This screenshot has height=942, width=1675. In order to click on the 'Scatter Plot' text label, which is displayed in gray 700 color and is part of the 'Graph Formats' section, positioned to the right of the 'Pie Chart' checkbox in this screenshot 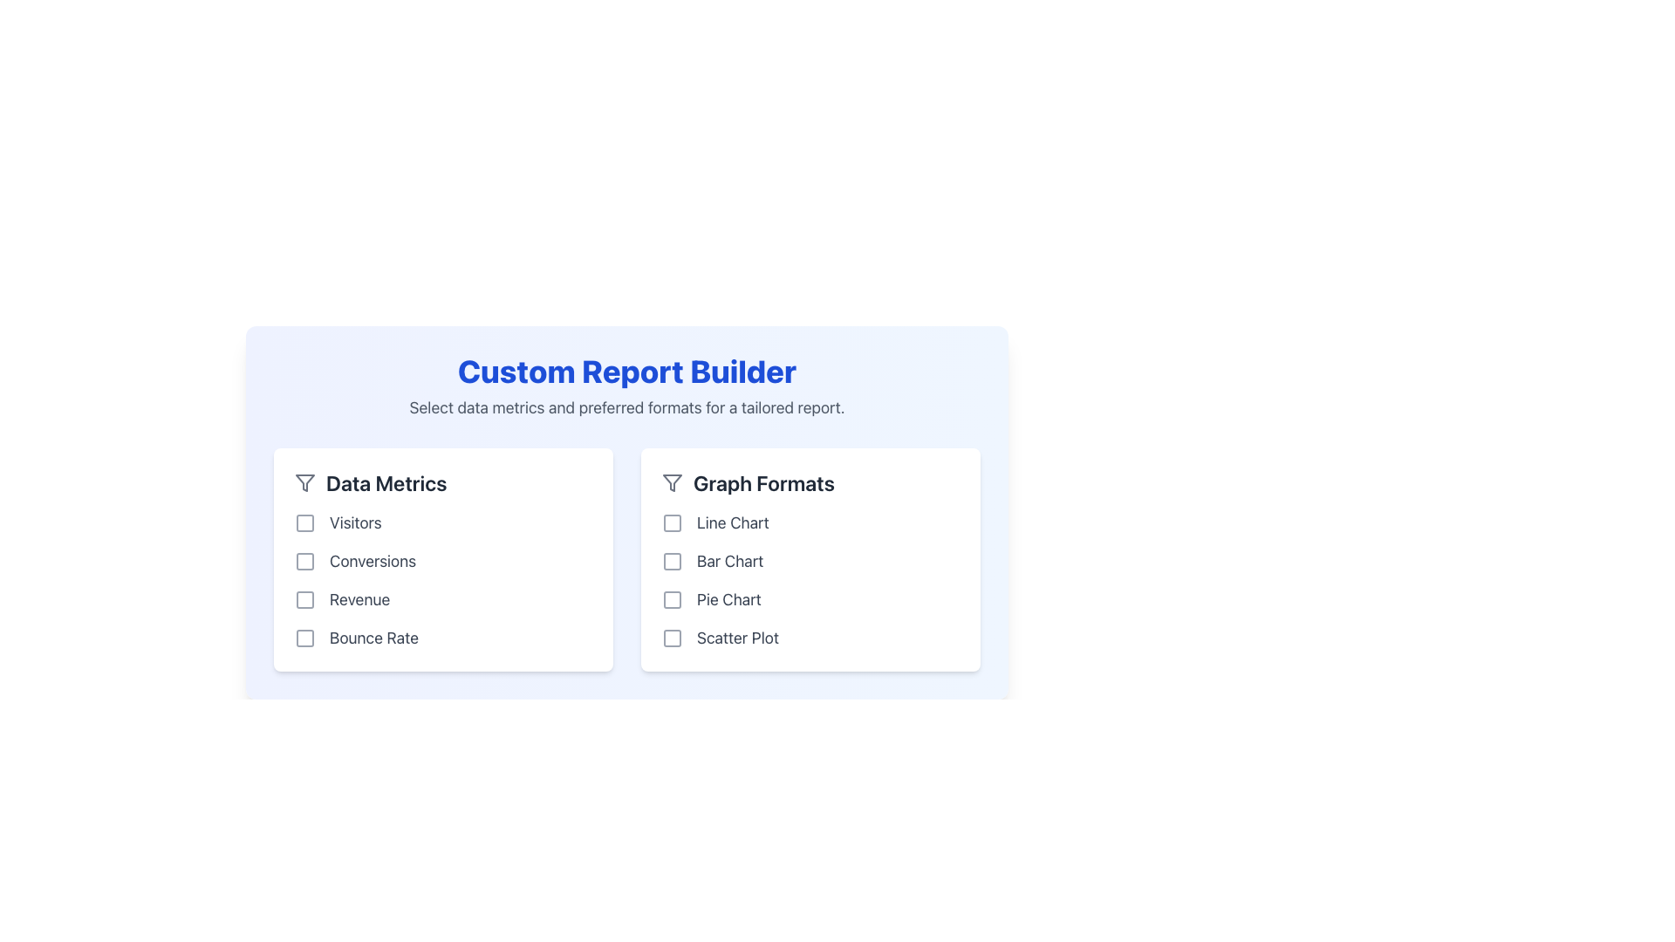, I will do `click(737, 638)`.